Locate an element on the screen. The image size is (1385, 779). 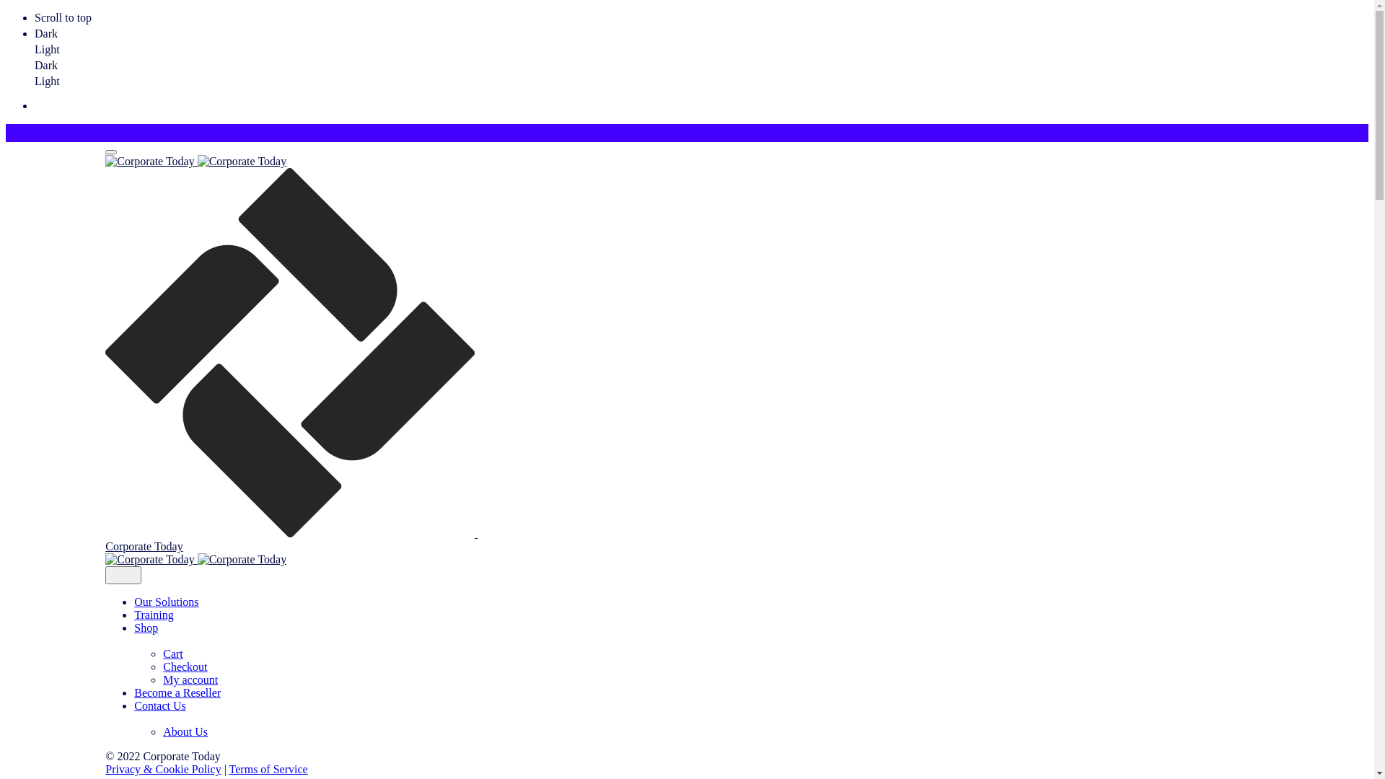
'My account' is located at coordinates (162, 679).